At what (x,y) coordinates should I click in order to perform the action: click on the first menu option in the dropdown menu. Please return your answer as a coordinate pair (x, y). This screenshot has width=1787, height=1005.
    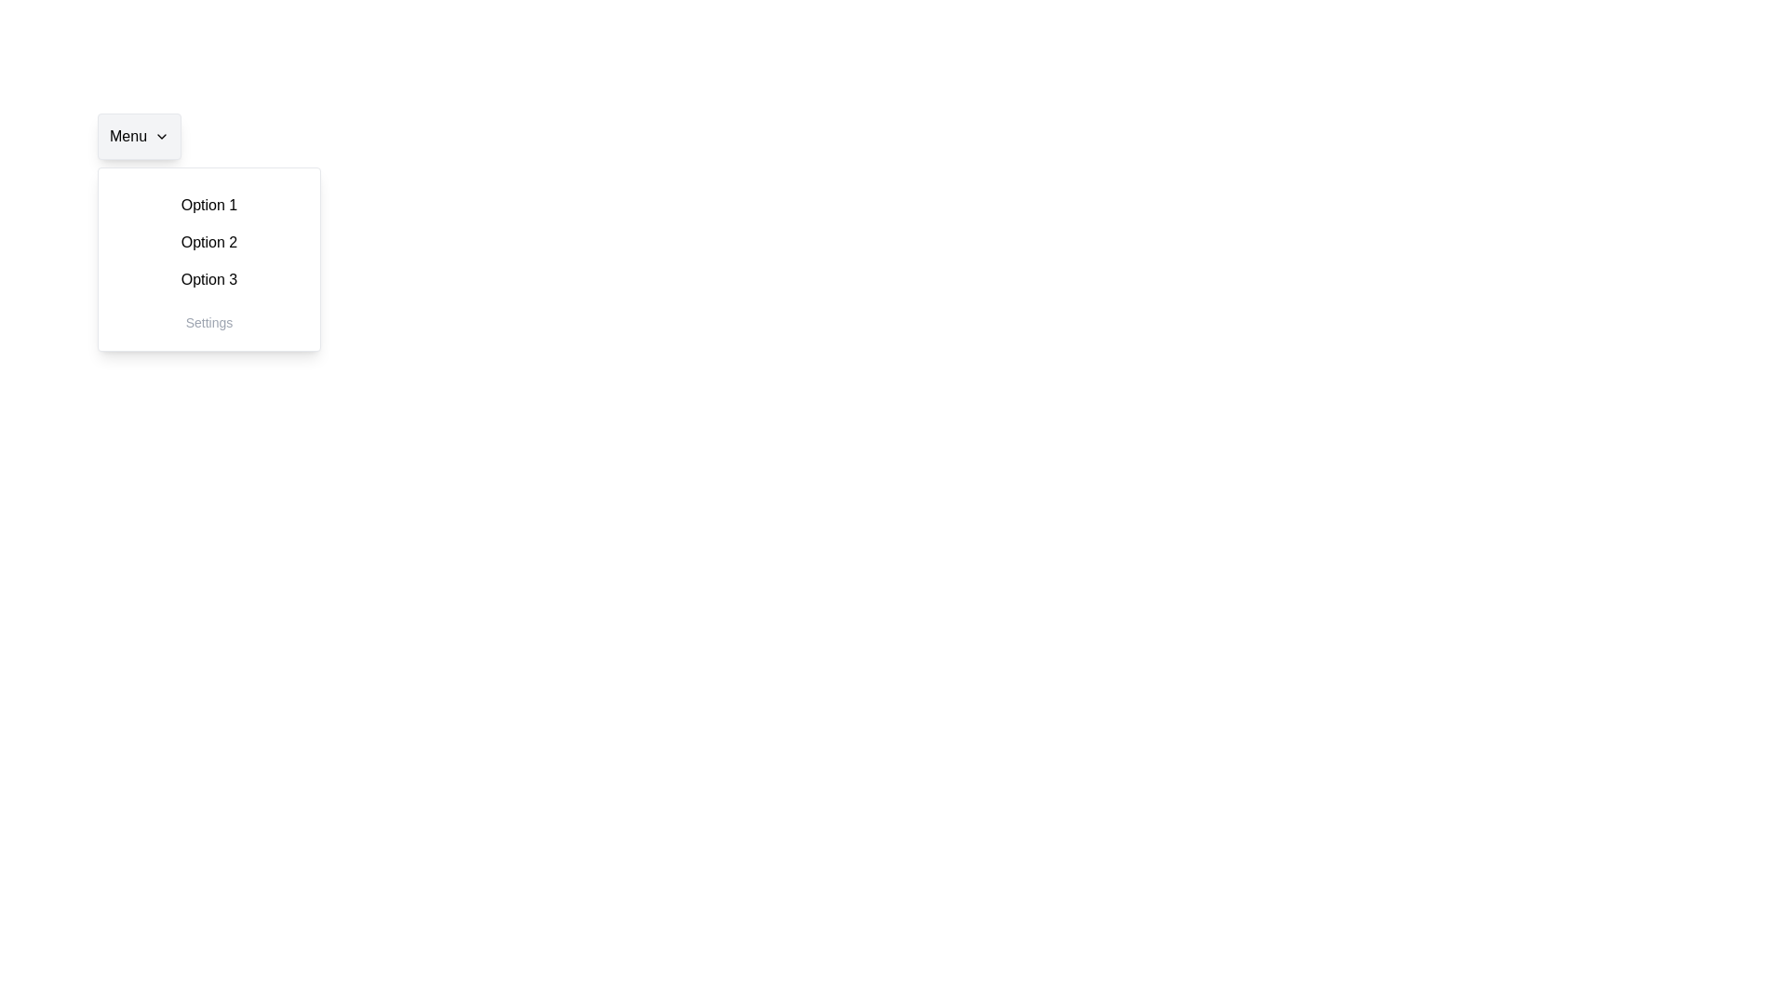
    Looking at the image, I should click on (209, 205).